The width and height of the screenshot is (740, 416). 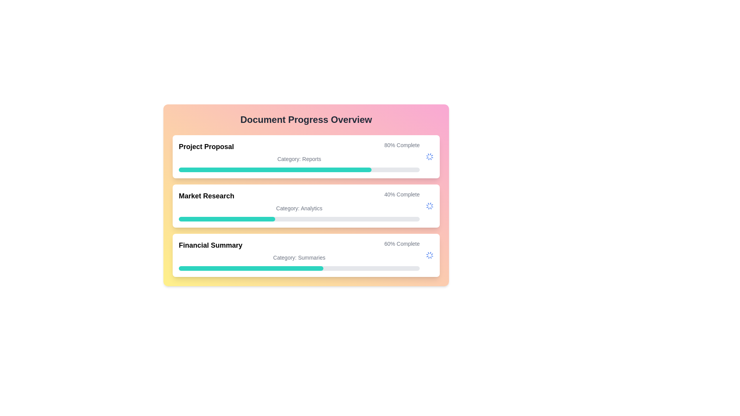 I want to click on text label indicating the subject of the card, which is located at the top-left corner of the 'Project Proposal' card, above the '80% Complete' element, so click(x=206, y=147).